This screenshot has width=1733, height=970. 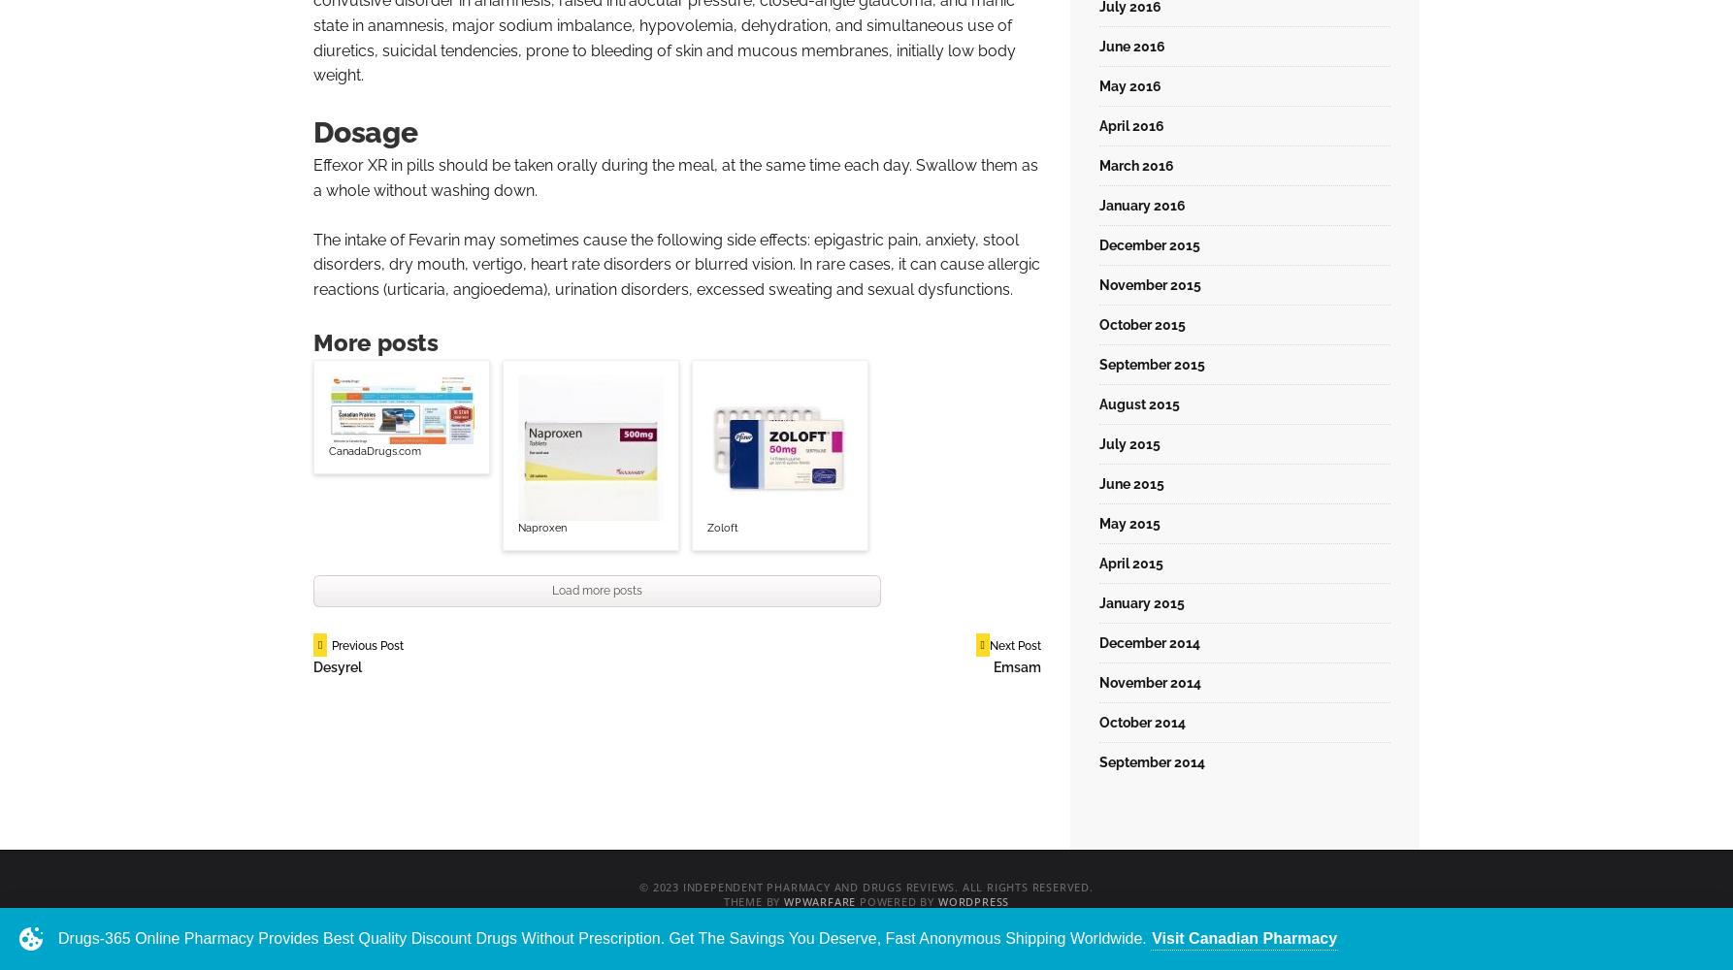 What do you see at coordinates (1130, 46) in the screenshot?
I see `'June 2016'` at bounding box center [1130, 46].